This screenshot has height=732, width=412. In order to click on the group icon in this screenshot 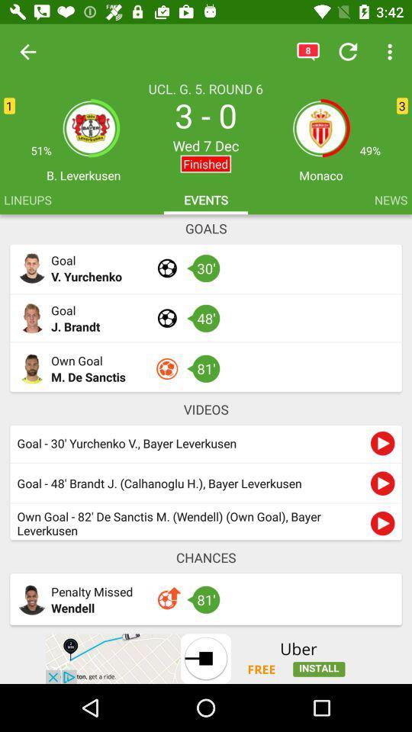, I will do `click(320, 127)`.